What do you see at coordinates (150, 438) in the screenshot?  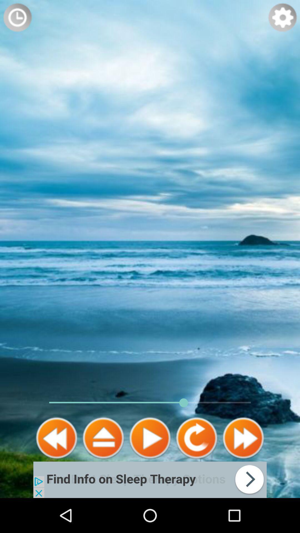 I see `media` at bounding box center [150, 438].